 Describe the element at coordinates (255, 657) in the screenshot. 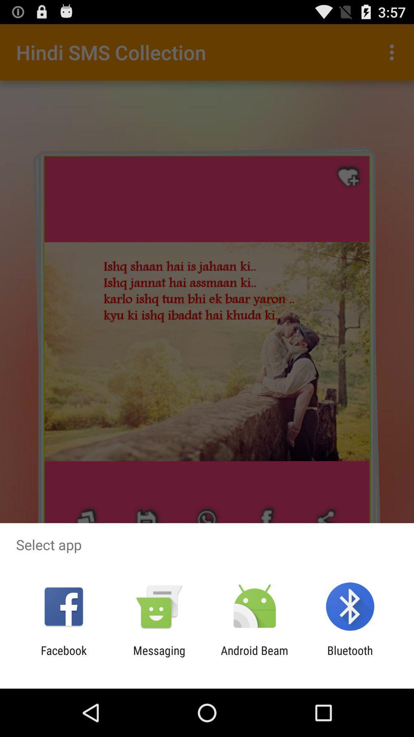

I see `icon next to bluetooth` at that location.